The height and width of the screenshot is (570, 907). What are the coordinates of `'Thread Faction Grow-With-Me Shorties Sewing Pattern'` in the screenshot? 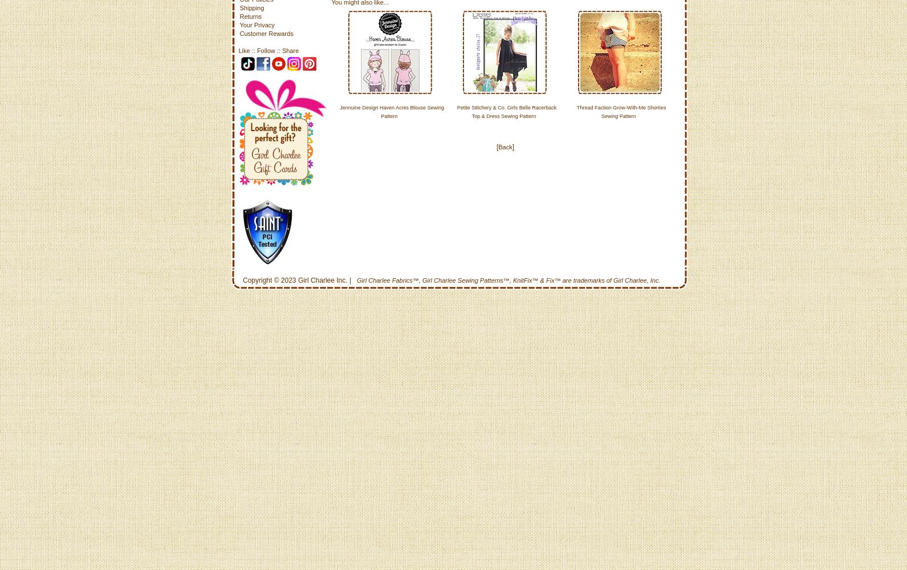 It's located at (621, 111).